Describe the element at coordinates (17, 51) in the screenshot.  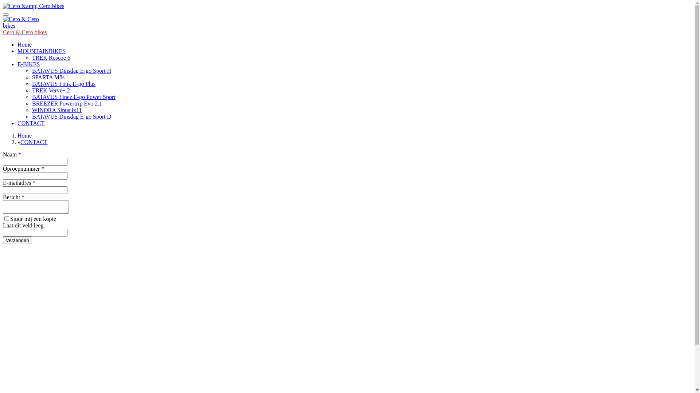
I see `'MOUNTAINBIKES'` at that location.